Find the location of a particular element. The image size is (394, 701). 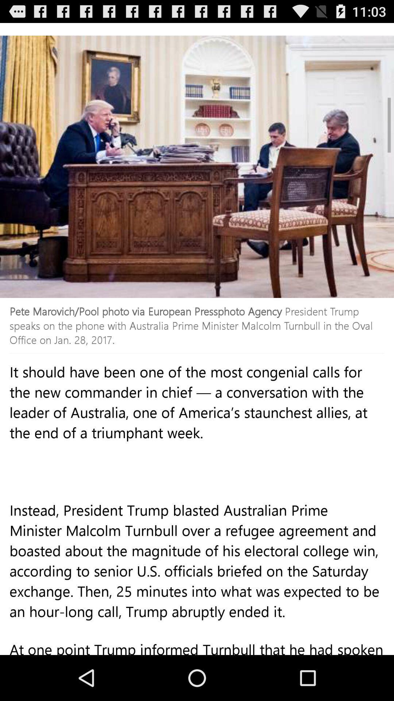

the at one point is located at coordinates (197, 650).